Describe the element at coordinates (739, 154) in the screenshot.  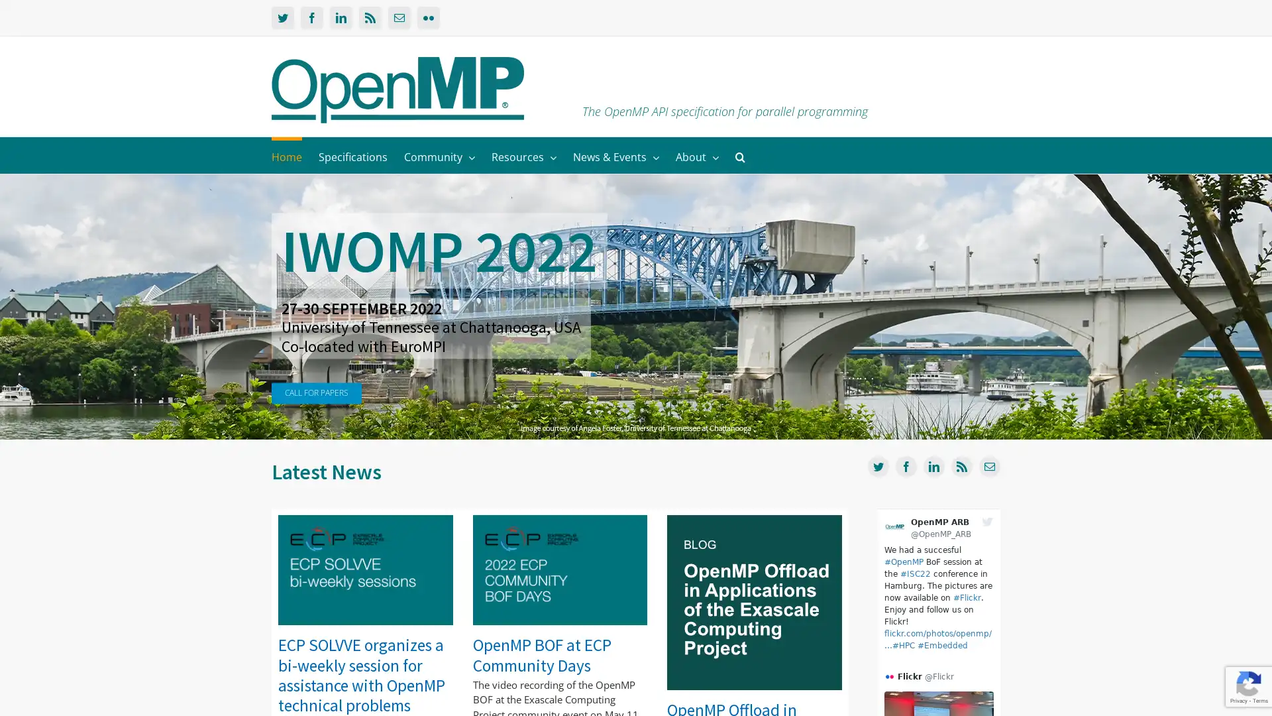
I see `Search` at that location.